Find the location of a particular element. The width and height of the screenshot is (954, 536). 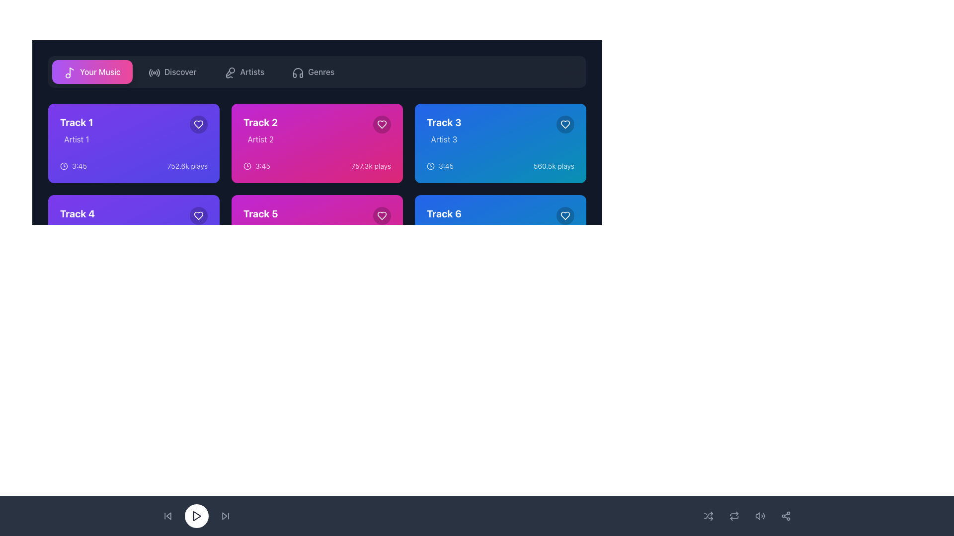

the audio volume control button, which is the third interactive control from the left in the bottom control panel is located at coordinates (760, 516).